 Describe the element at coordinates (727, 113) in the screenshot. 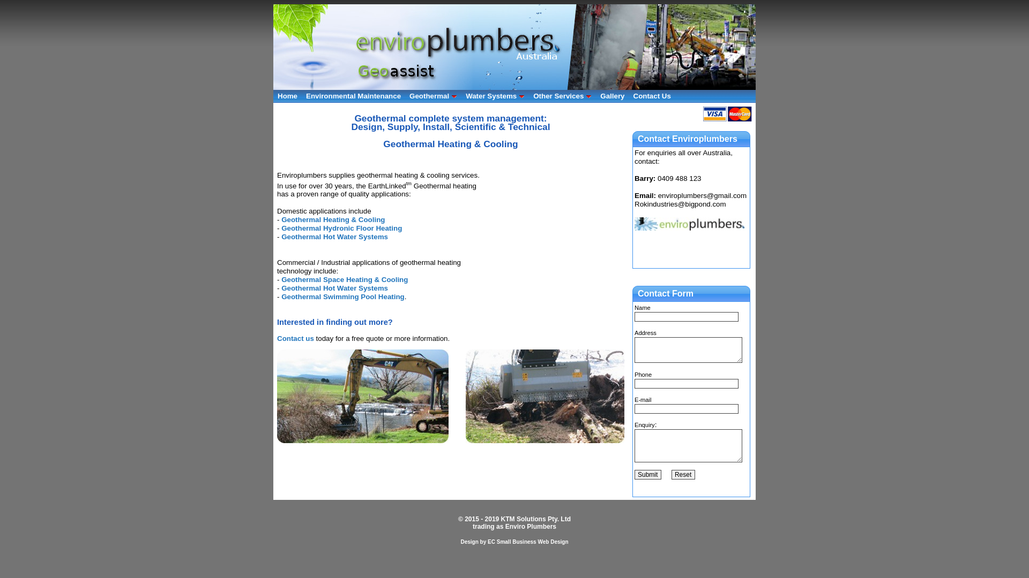

I see `'Visa & Mastercard Accepted'` at that location.